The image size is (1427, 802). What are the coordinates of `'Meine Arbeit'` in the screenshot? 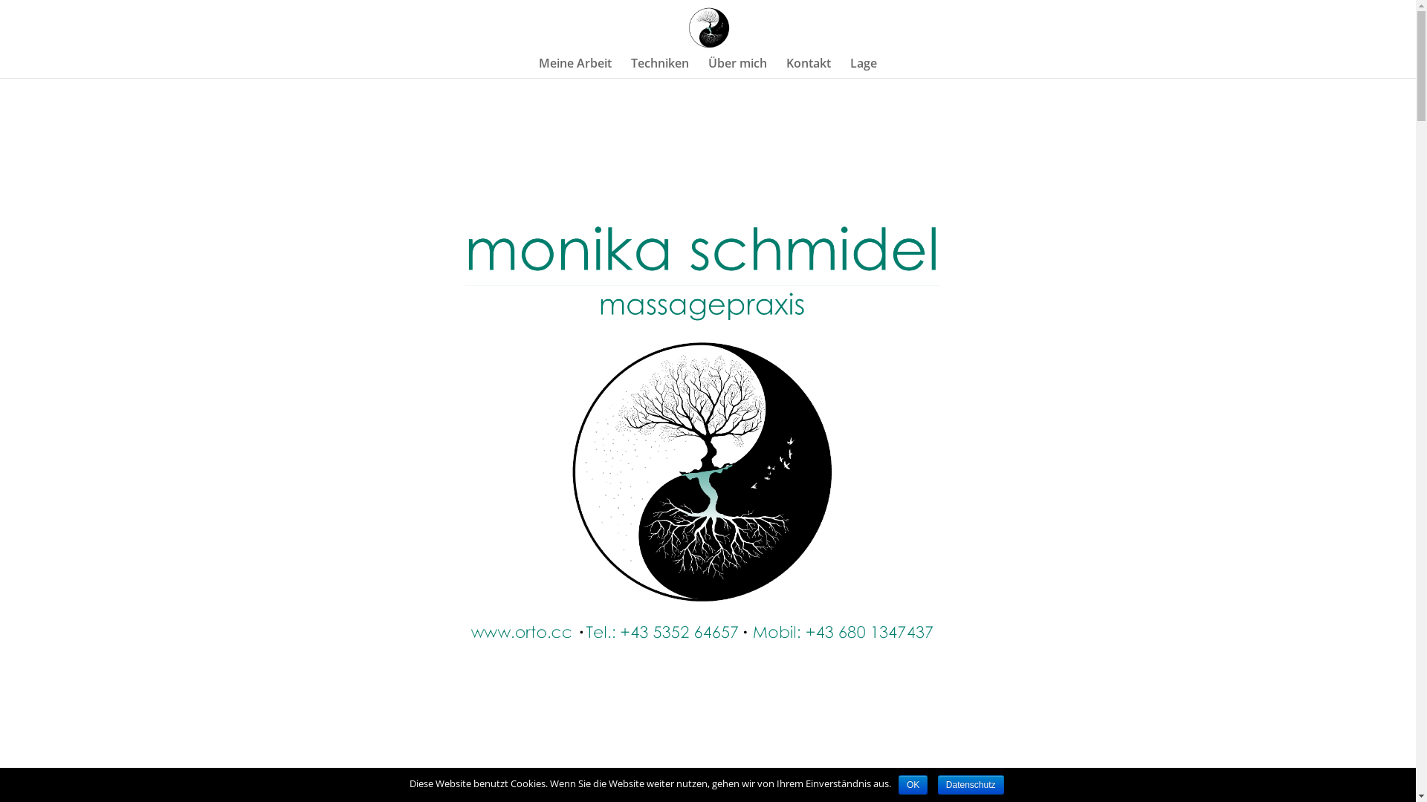 It's located at (537, 68).